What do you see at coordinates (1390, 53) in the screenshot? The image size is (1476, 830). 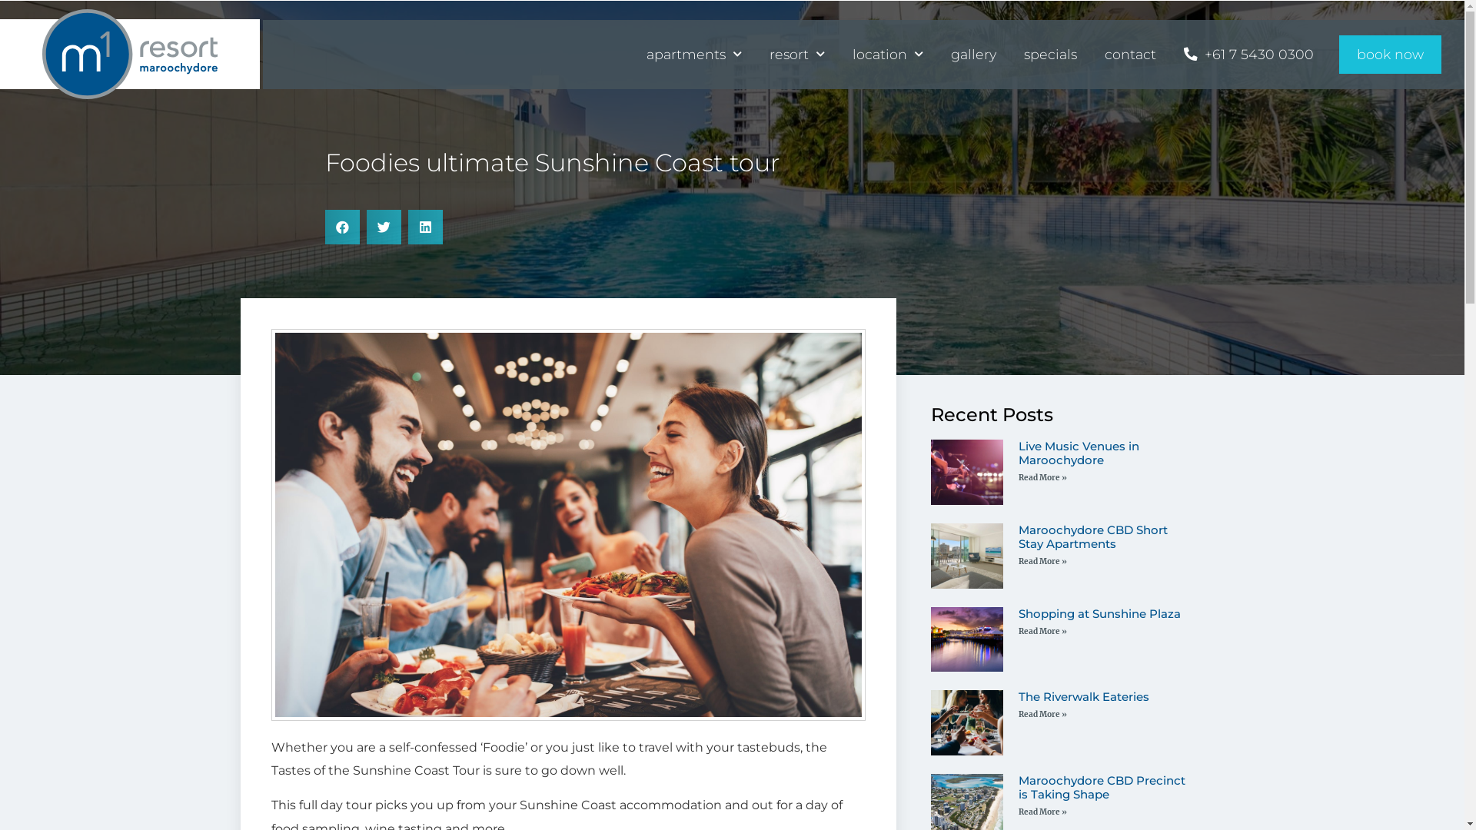 I see `'book now'` at bounding box center [1390, 53].